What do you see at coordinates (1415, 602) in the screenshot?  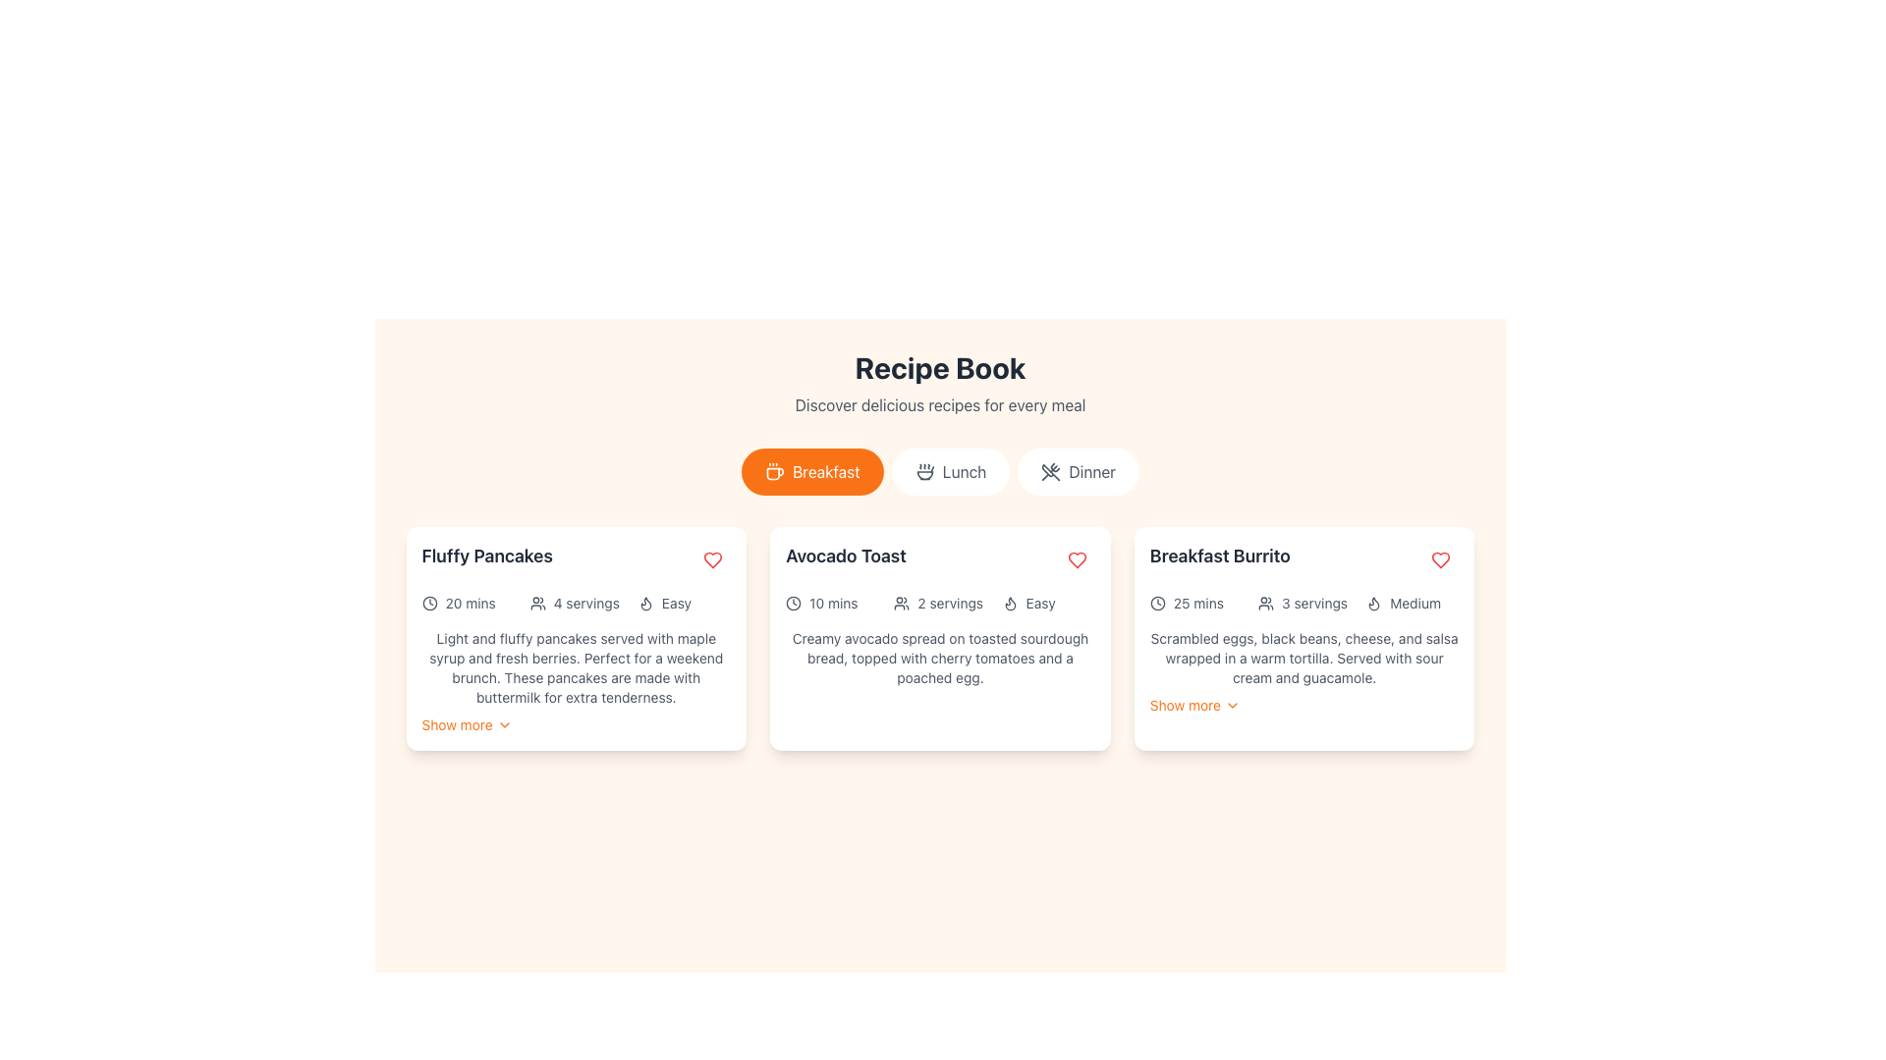 I see `the 'Medium' difficulty level text label within the 'Breakfast Burrito' card, located in the third column of the recipe cards section, to provide users with information about the expected complexity of the recipe` at bounding box center [1415, 602].